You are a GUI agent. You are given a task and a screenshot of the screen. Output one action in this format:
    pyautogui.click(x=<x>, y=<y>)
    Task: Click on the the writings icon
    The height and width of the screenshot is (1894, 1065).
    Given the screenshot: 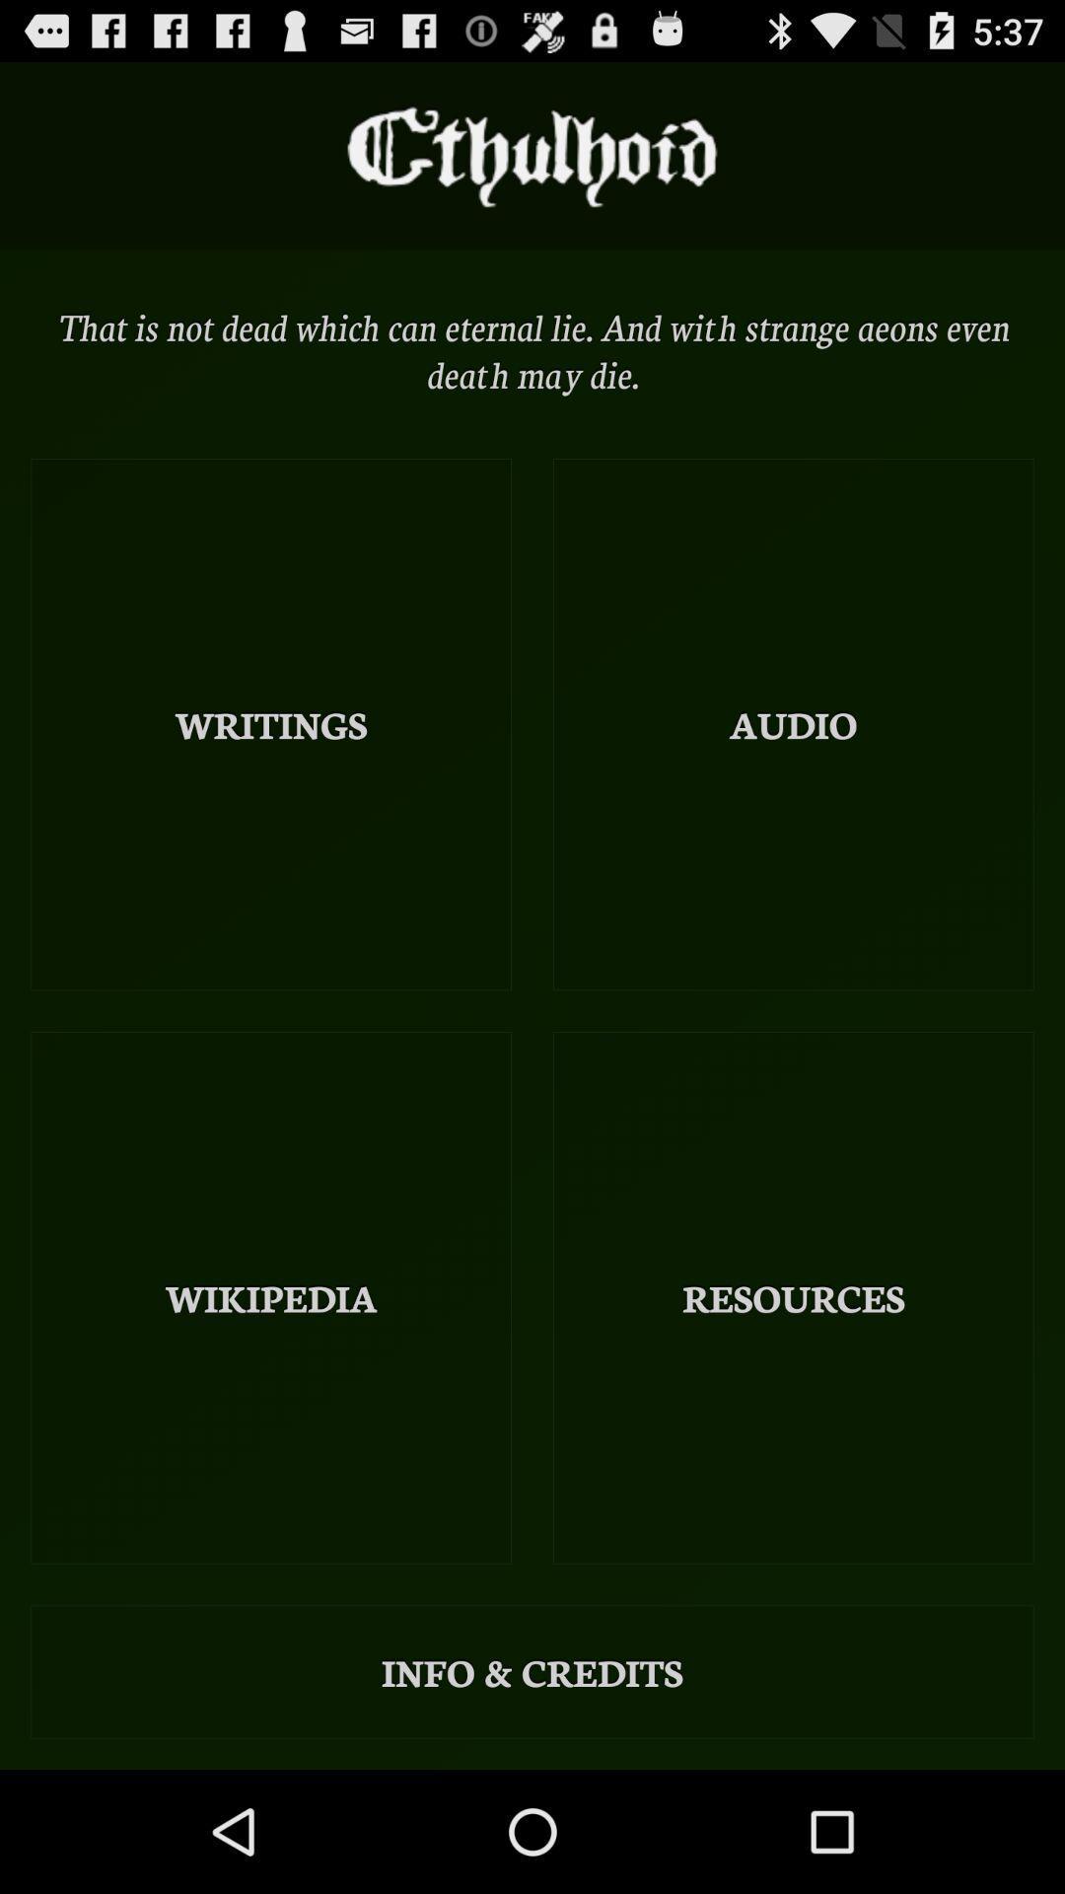 What is the action you would take?
    pyautogui.click(x=271, y=723)
    